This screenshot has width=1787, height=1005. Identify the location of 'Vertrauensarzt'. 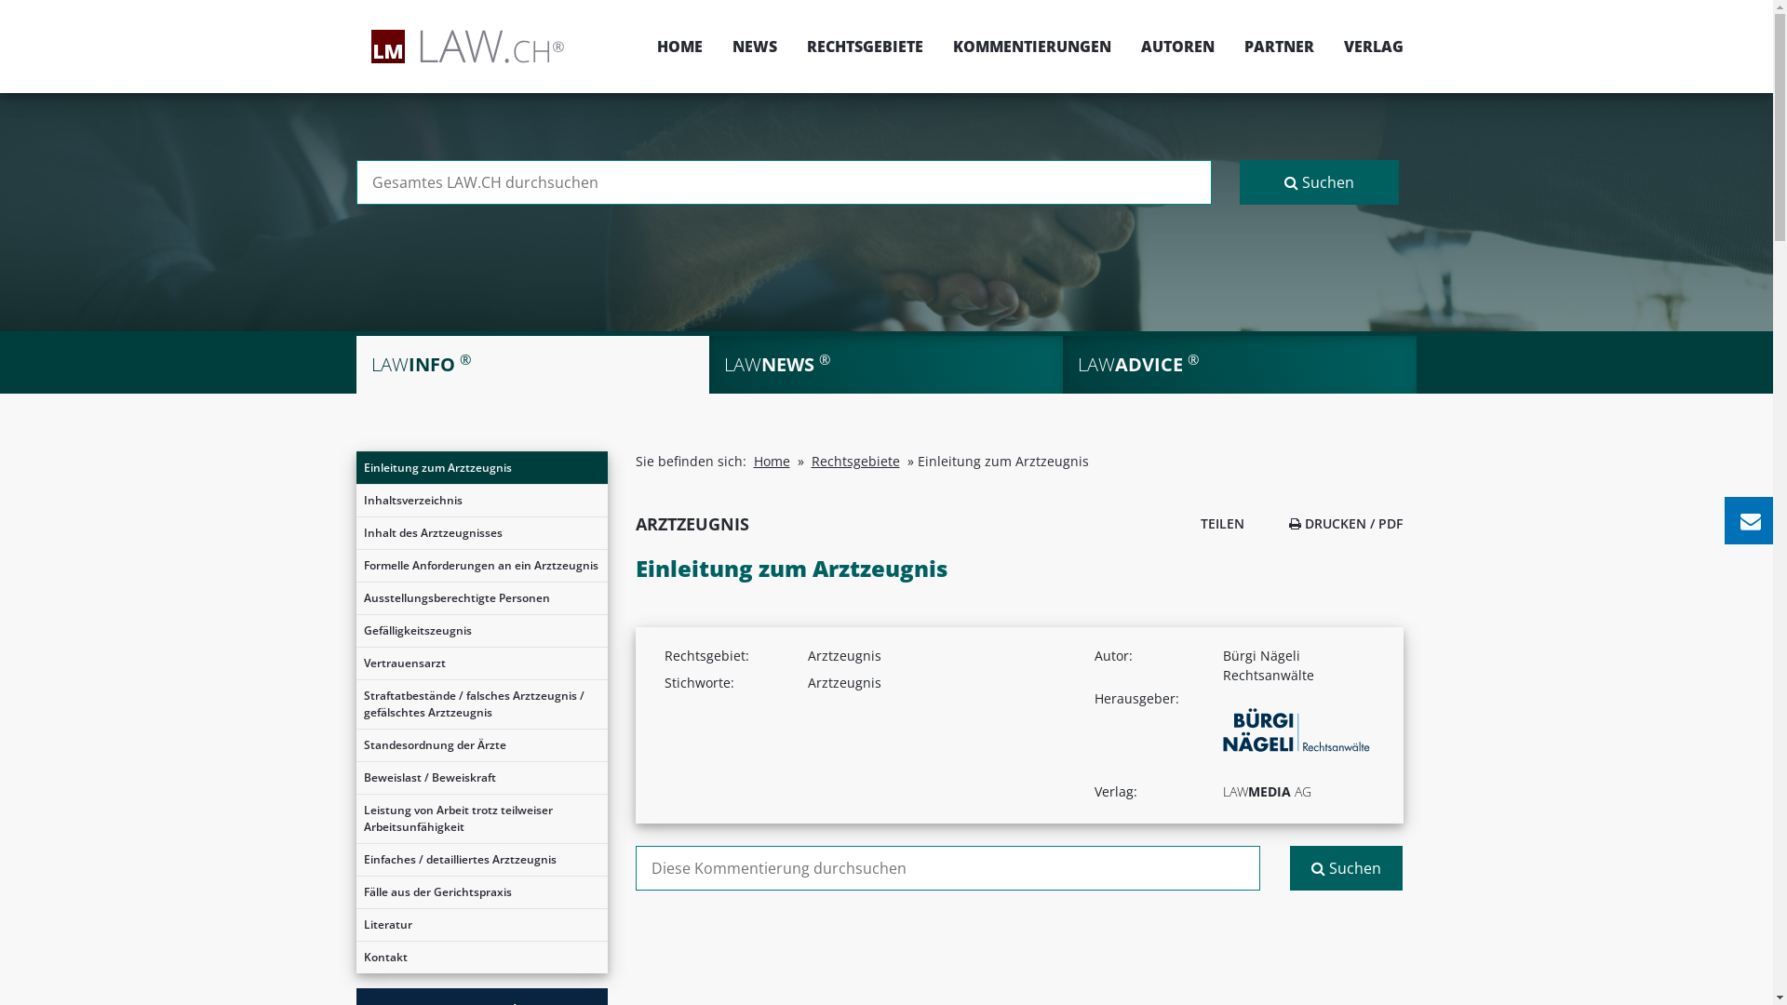
(481, 663).